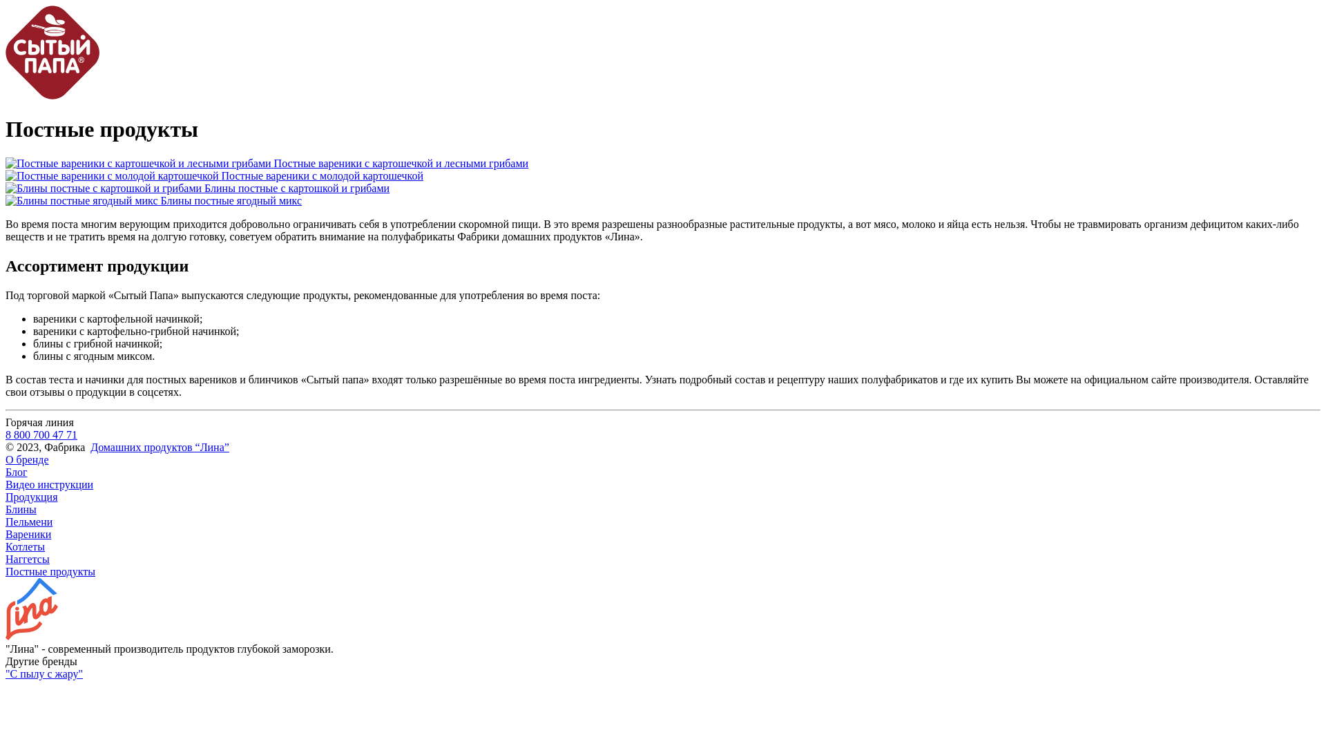 The image size is (1326, 746). What do you see at coordinates (41, 434) in the screenshot?
I see `'8 800 700 47 71'` at bounding box center [41, 434].